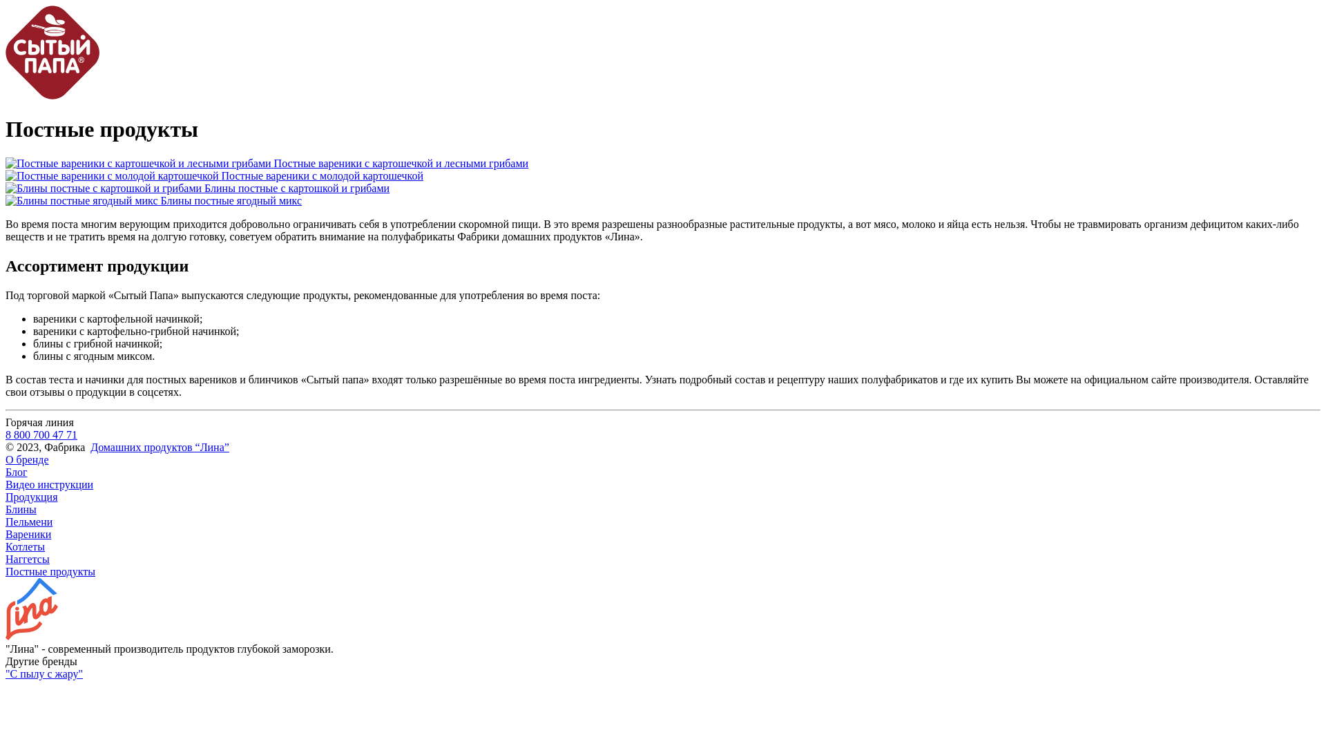 The image size is (1326, 746). What do you see at coordinates (41, 434) in the screenshot?
I see `'8 800 700 47 71'` at bounding box center [41, 434].